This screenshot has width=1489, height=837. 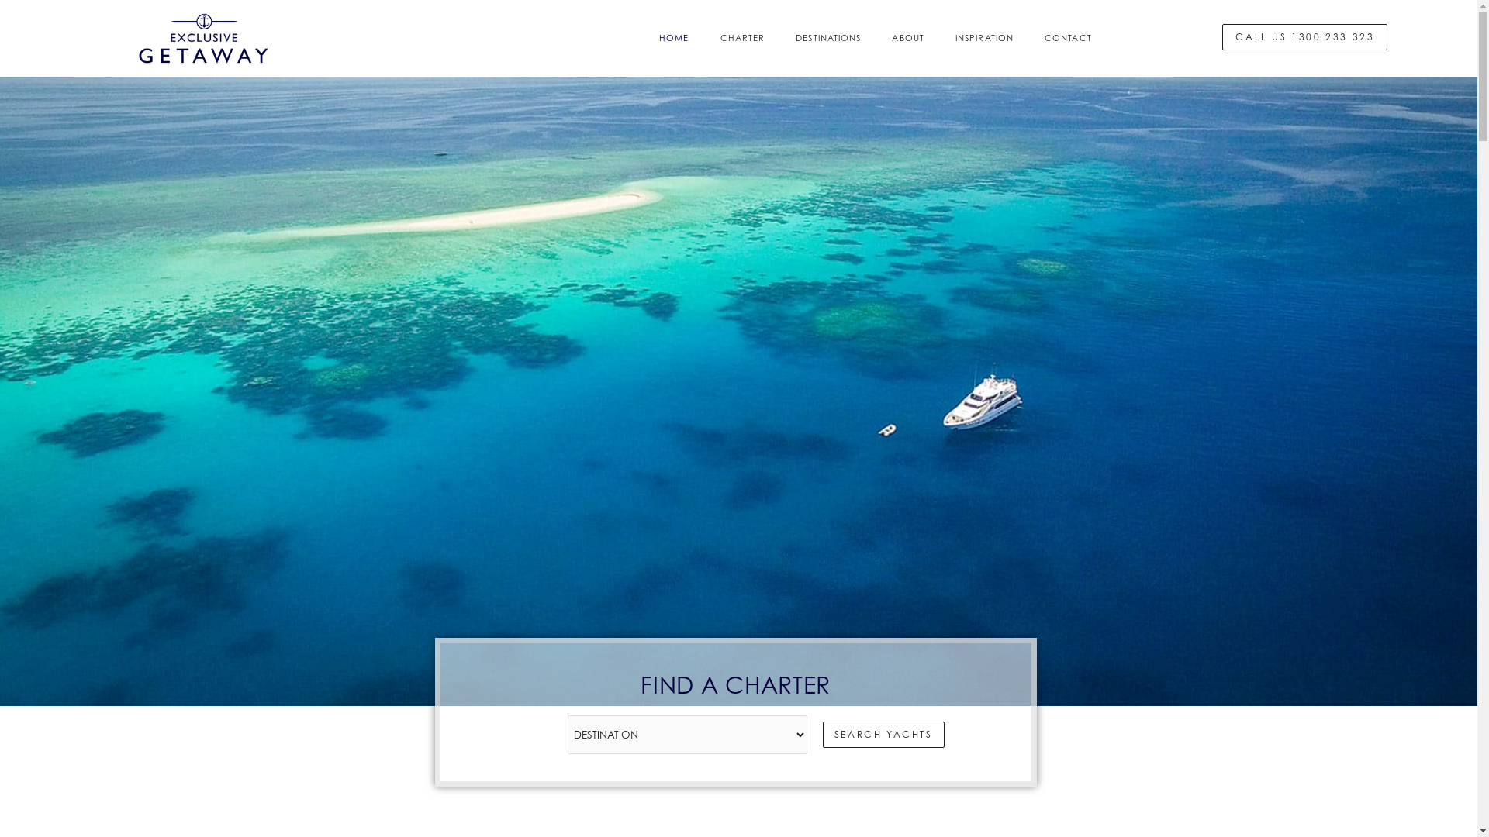 I want to click on 'CONTACT', so click(x=1028, y=64).